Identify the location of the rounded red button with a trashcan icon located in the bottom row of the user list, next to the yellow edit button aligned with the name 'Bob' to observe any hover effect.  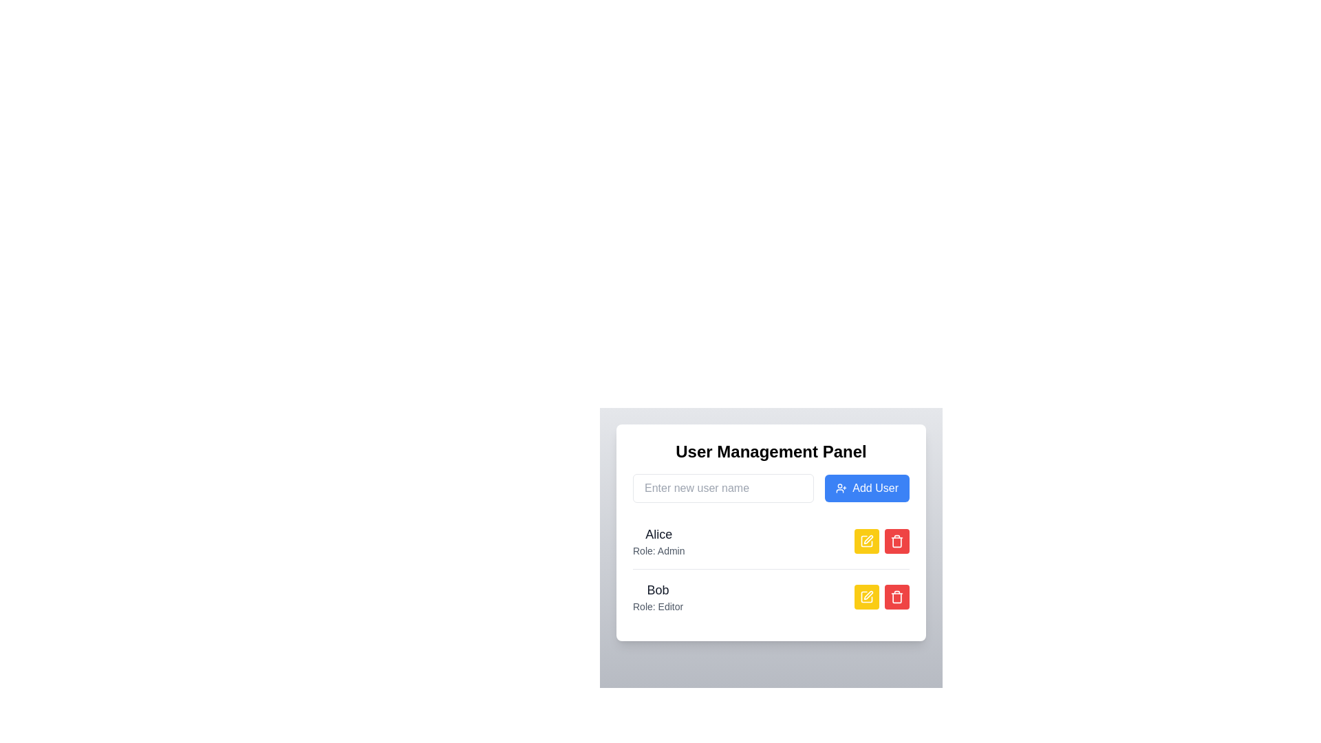
(897, 596).